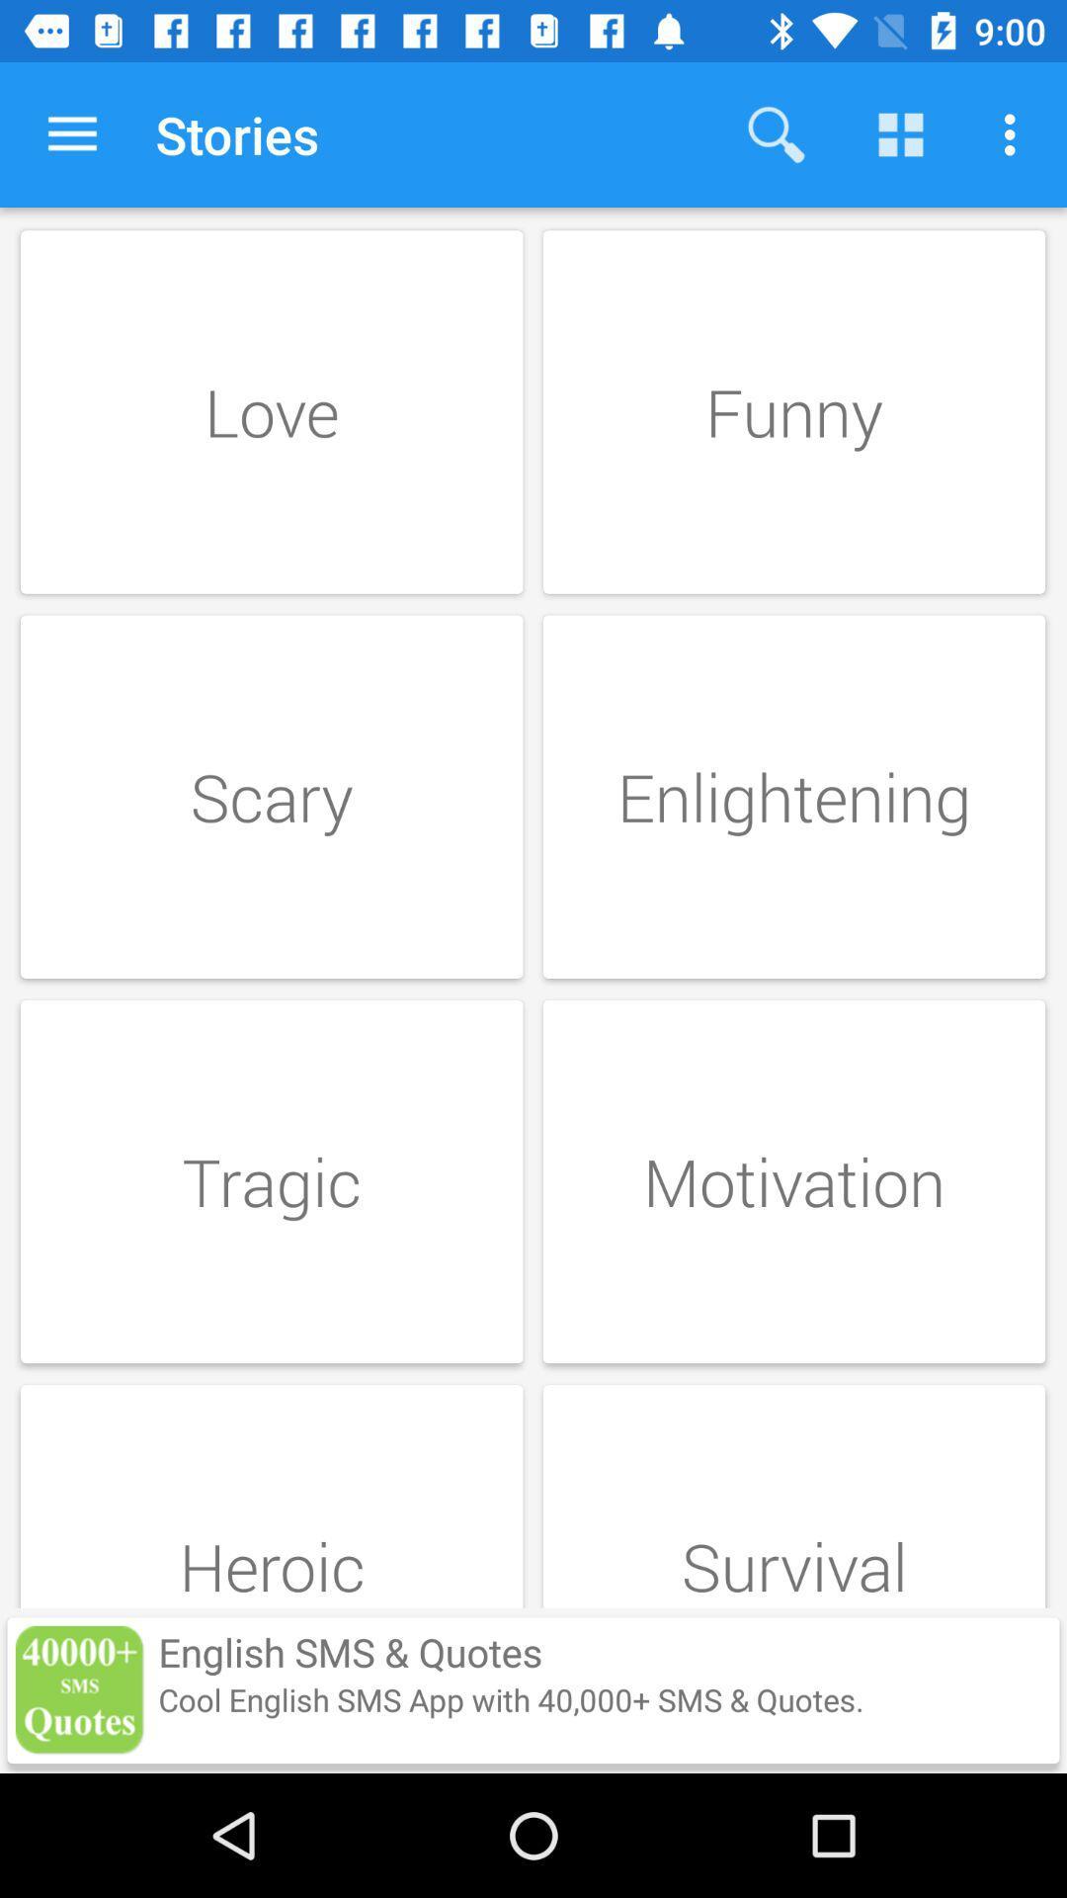 The height and width of the screenshot is (1898, 1067). I want to click on item to the left of stories app, so click(71, 133).